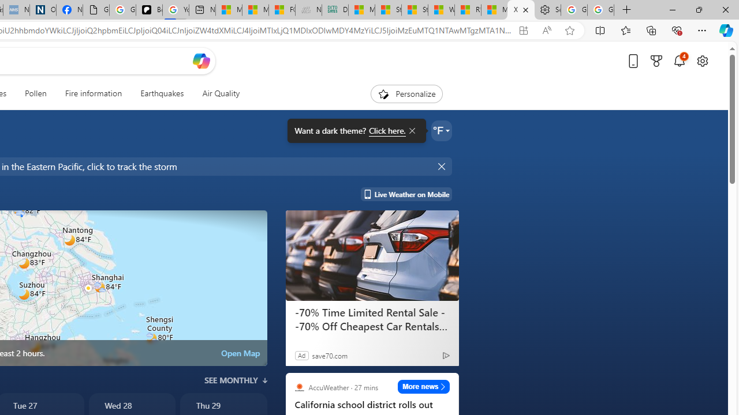  What do you see at coordinates (161, 93) in the screenshot?
I see `'Earthquakes'` at bounding box center [161, 93].